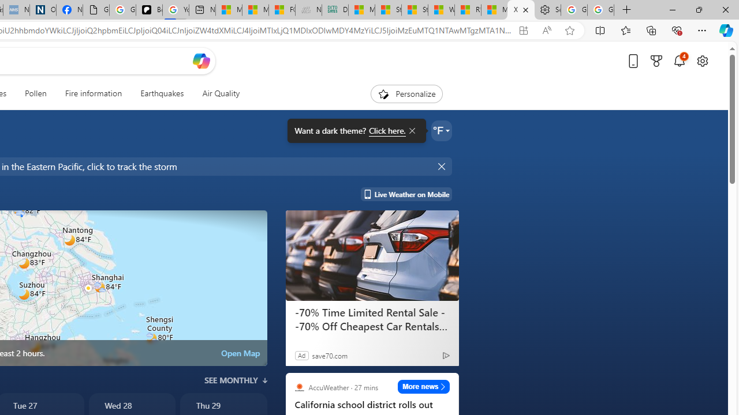  What do you see at coordinates (161, 93) in the screenshot?
I see `'Earthquakes'` at bounding box center [161, 93].